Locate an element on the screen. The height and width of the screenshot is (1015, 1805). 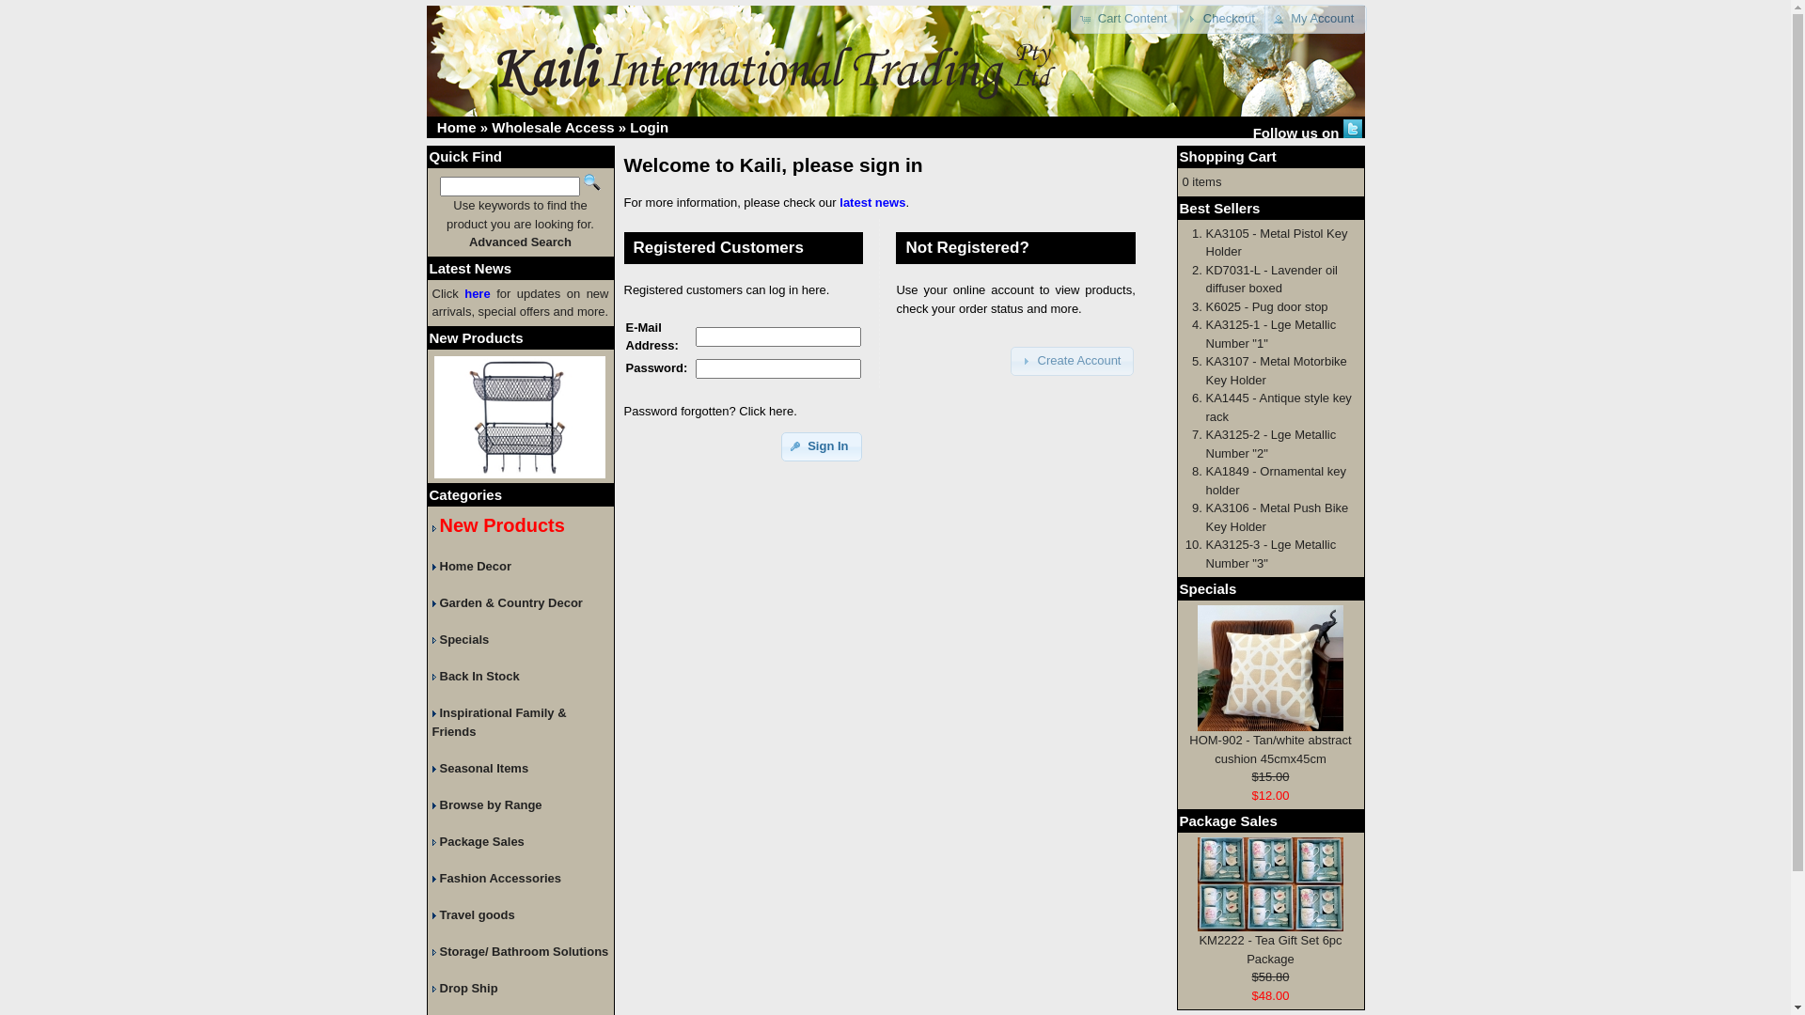
'Travel goods' is located at coordinates (474, 913).